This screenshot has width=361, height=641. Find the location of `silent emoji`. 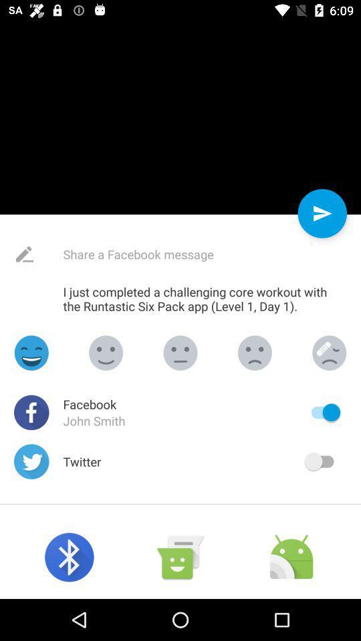

silent emoji is located at coordinates (255, 352).